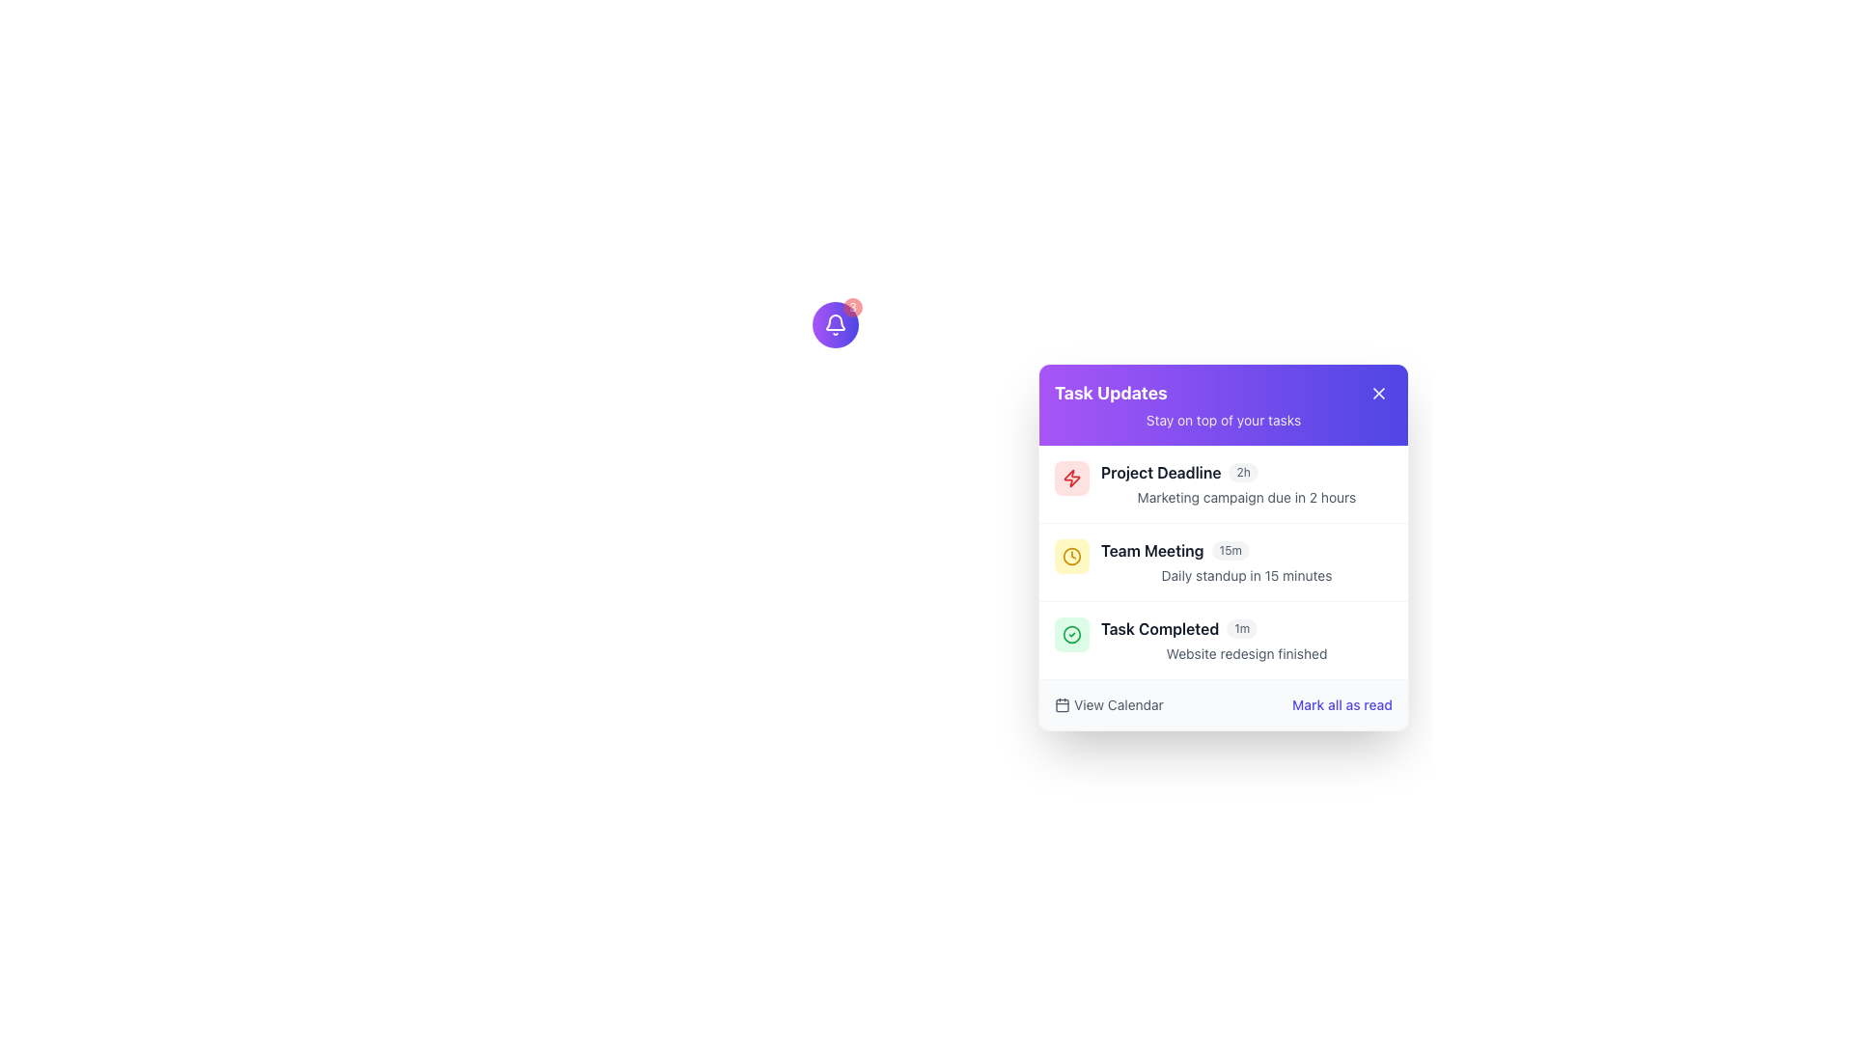 This screenshot has height=1042, width=1853. What do you see at coordinates (1378, 393) in the screenshot?
I see `the Close Button located at the far right of the 'Task Updates' header section` at bounding box center [1378, 393].